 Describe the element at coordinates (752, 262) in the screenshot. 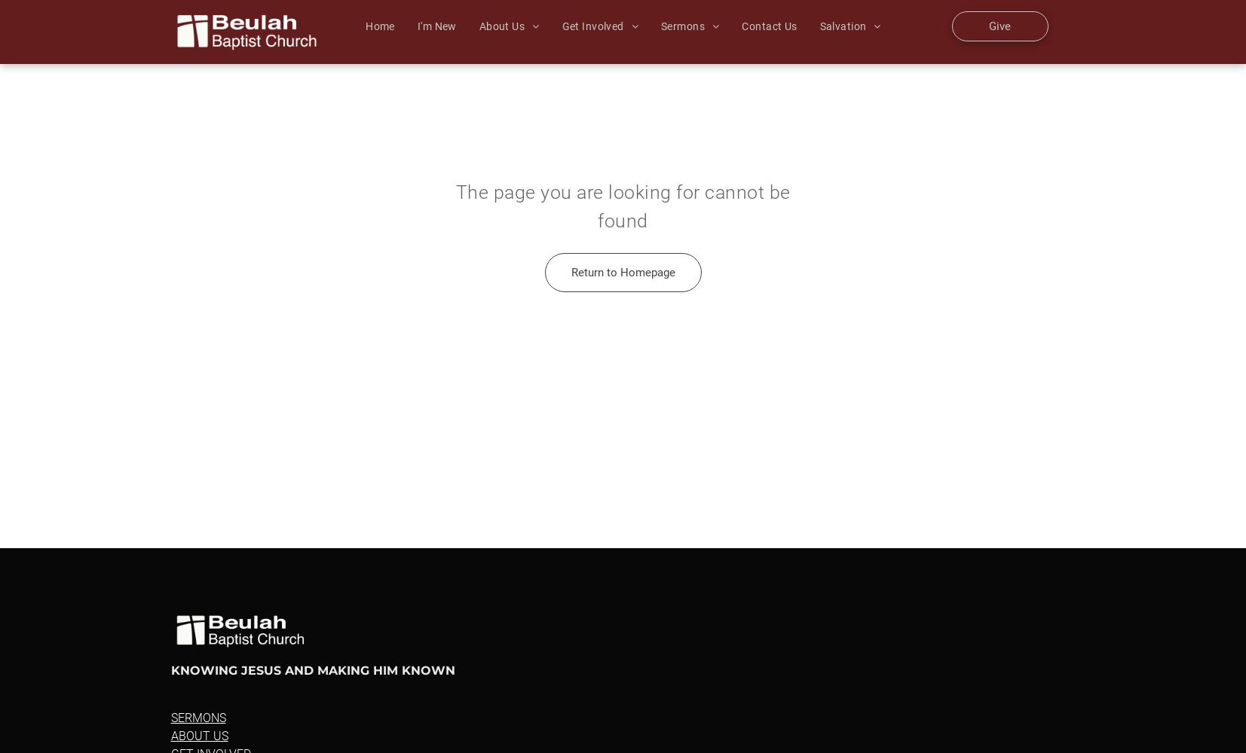

I see `'Food Pantry'` at that location.